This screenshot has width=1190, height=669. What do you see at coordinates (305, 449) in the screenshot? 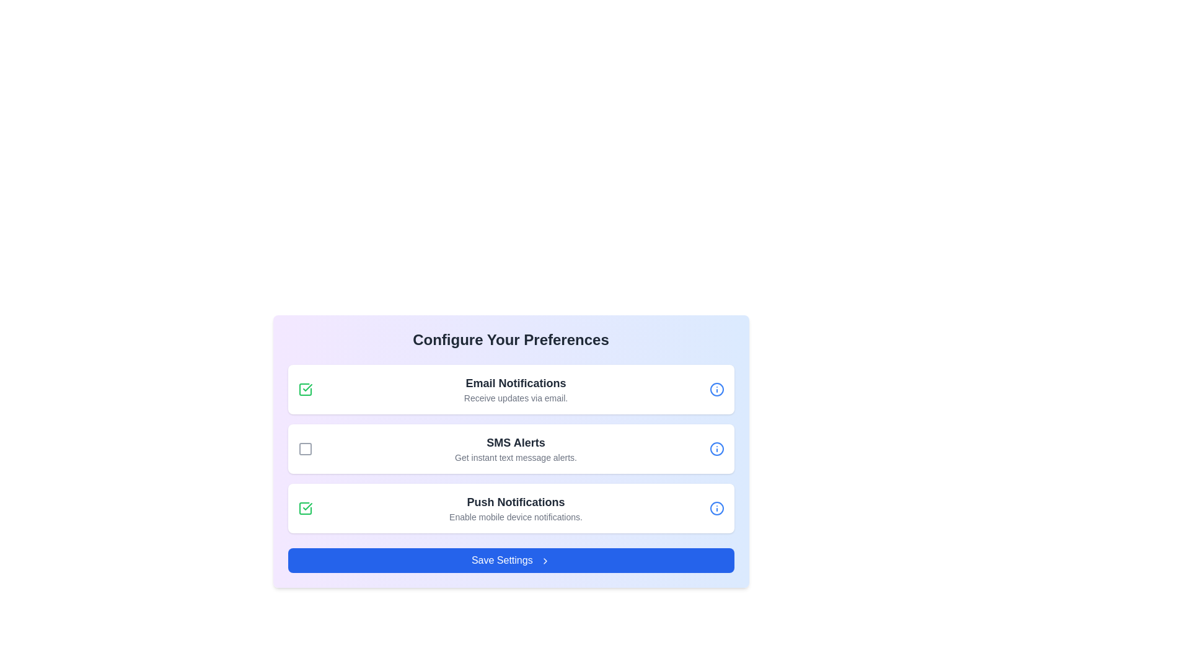
I see `the checkbox located on the left side of the 'SMS Alerts' section` at bounding box center [305, 449].